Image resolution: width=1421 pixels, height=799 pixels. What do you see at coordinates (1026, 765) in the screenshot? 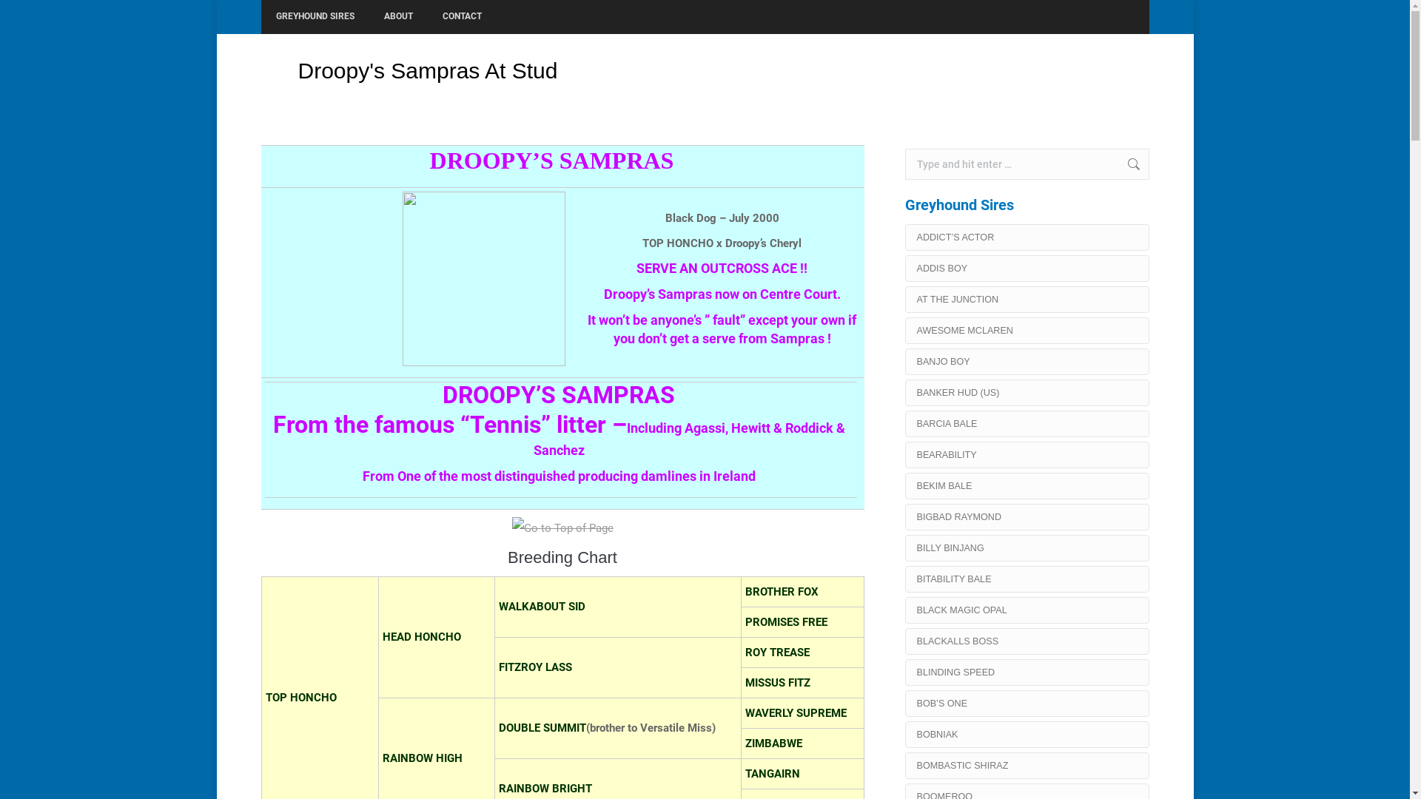
I see `'BOMBASTIC SHIRAZ'` at bounding box center [1026, 765].